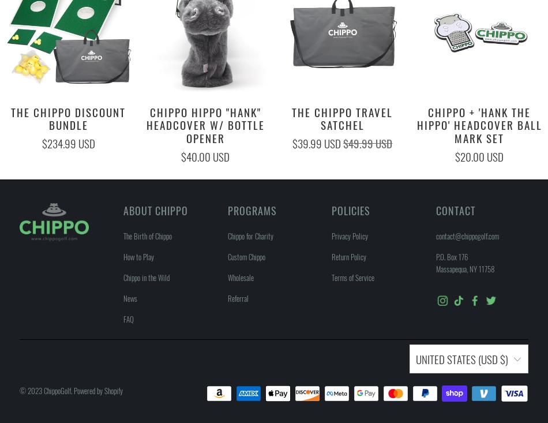 The image size is (548, 423). I want to click on 'Terms of Service', so click(332, 276).